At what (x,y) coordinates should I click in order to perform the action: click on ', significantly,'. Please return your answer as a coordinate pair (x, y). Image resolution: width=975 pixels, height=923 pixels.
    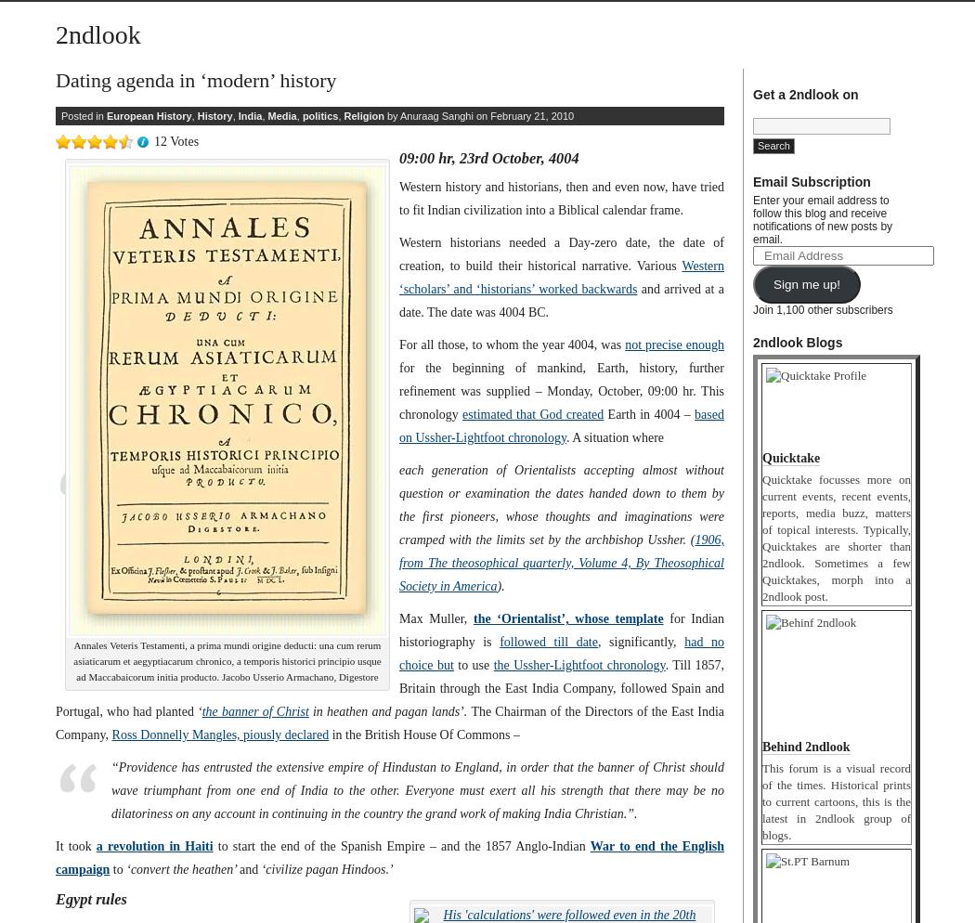
    Looking at the image, I should click on (640, 641).